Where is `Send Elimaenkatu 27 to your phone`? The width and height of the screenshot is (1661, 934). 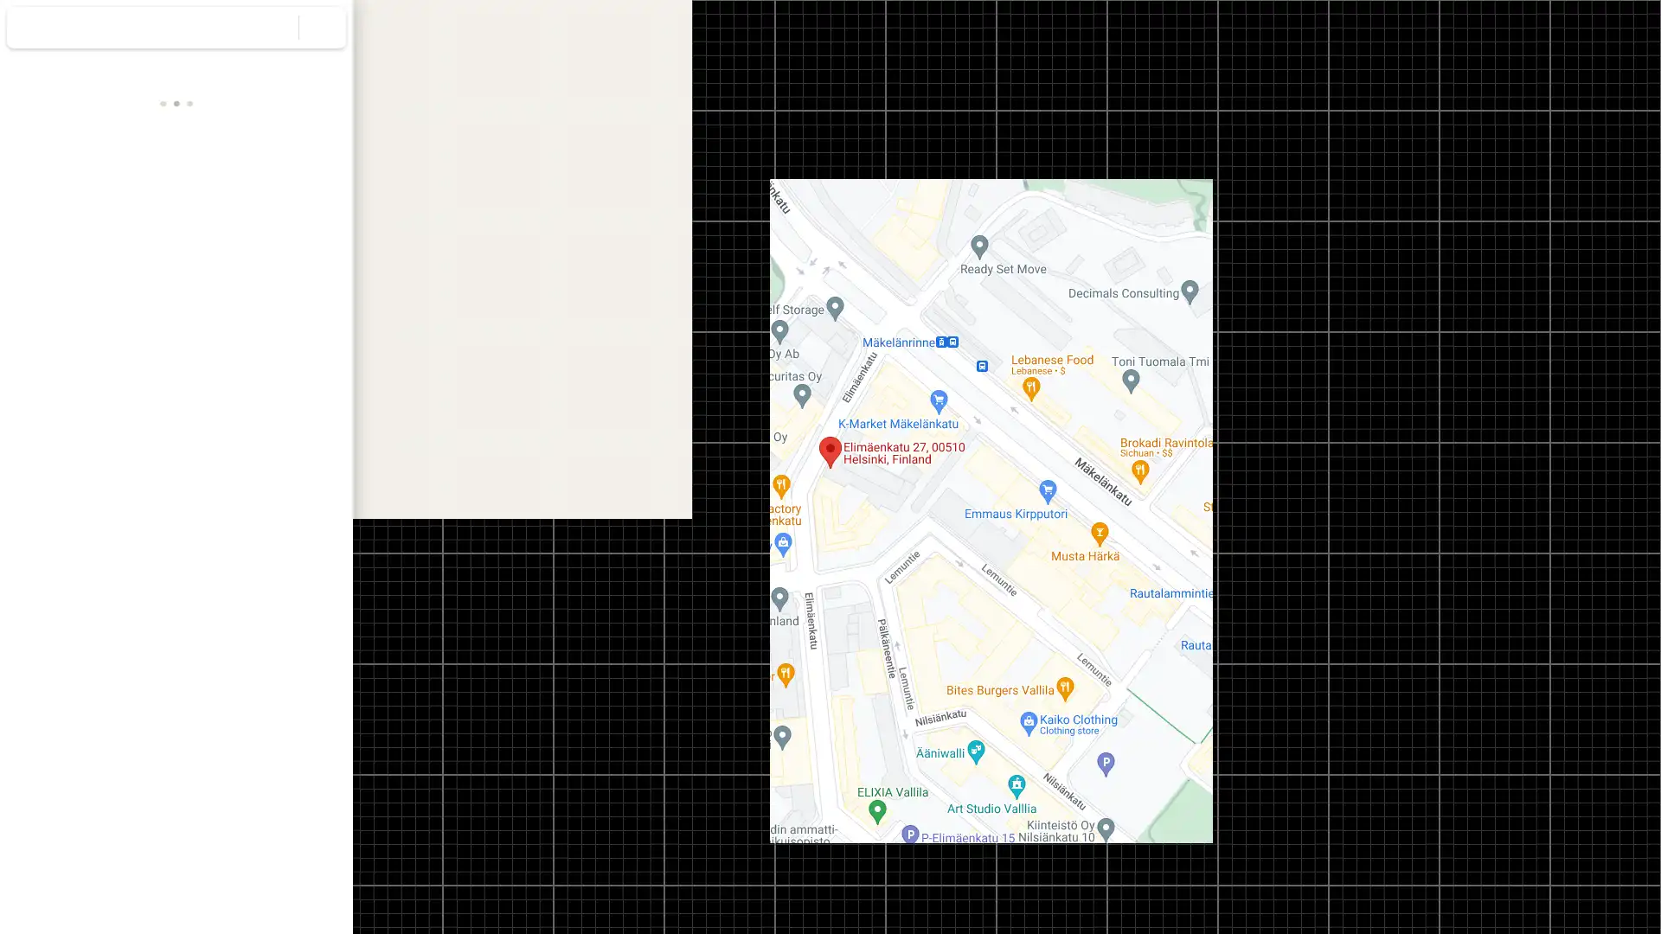 Send Elimaenkatu 27 to your phone is located at coordinates (238, 303).